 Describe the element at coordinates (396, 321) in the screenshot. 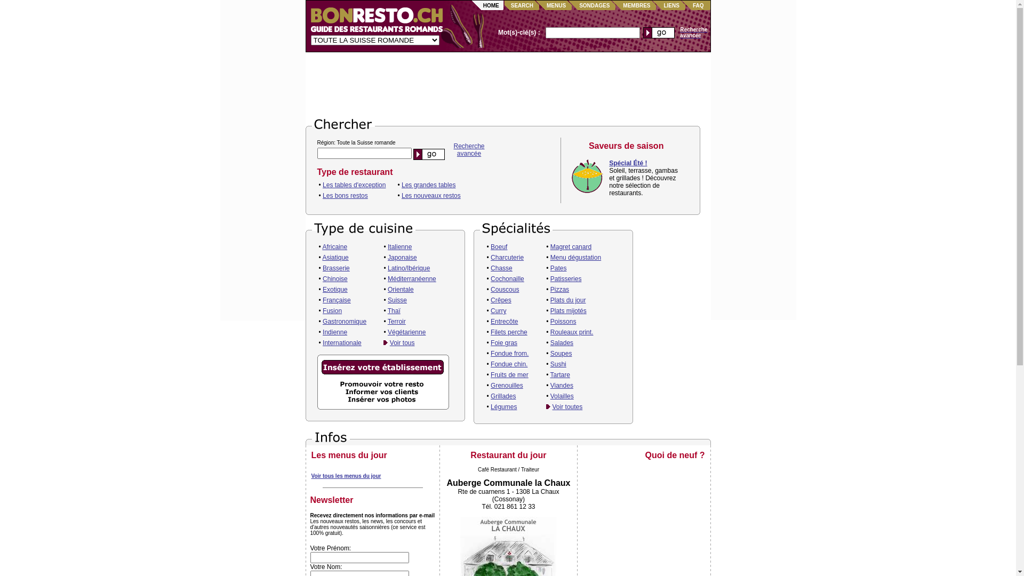

I see `'Terroir'` at that location.